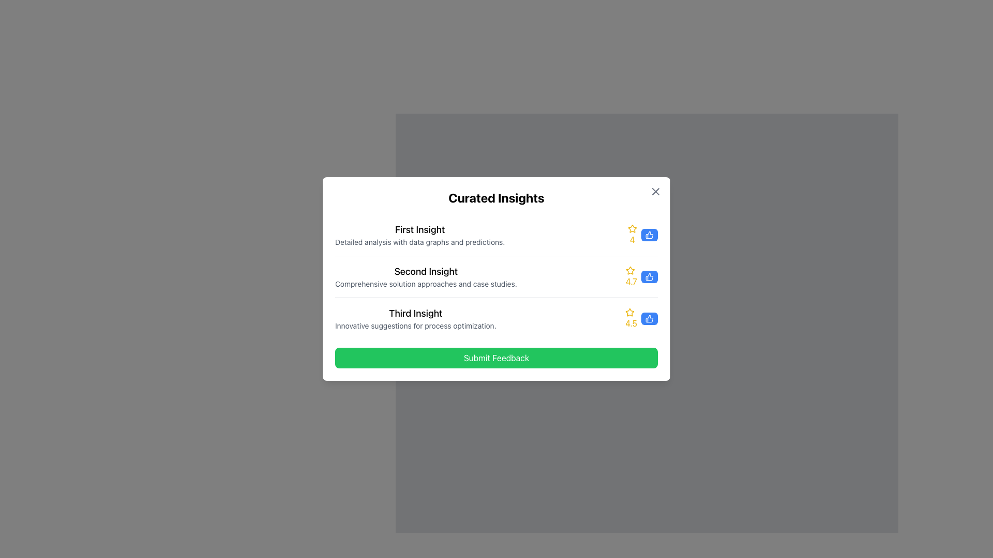  What do you see at coordinates (629, 312) in the screenshot?
I see `the stylized star icon with a golden outline located next to the '4.5' rating text in the 'Third Insight' list item` at bounding box center [629, 312].